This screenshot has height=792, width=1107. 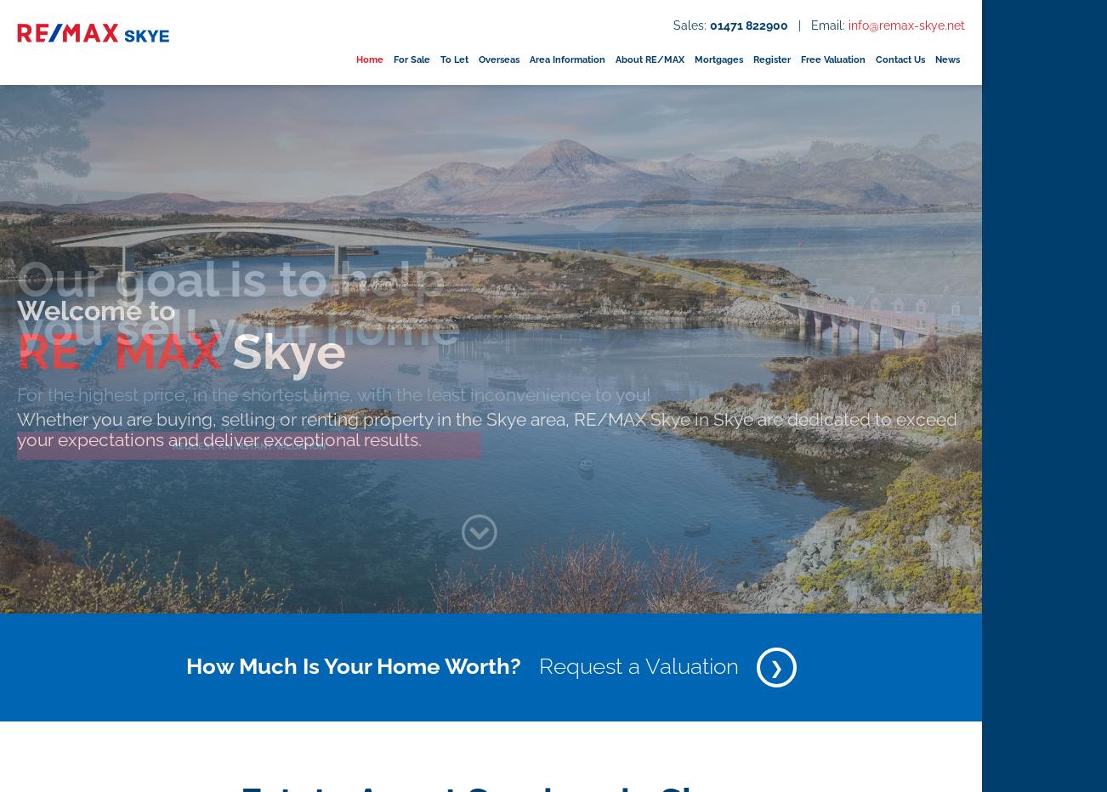 I want to click on 'For the highest price, in the shortest time, with the least inconvenience to you!', so click(x=332, y=394).